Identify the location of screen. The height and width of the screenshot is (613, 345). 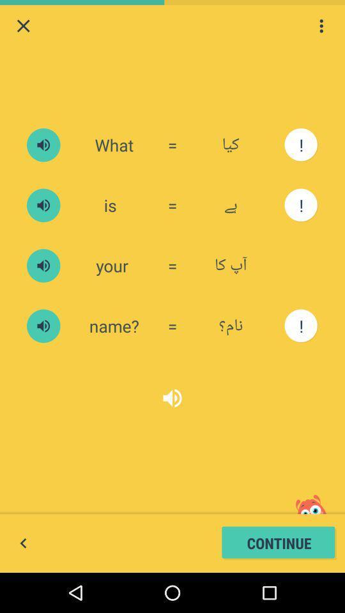
(23, 25).